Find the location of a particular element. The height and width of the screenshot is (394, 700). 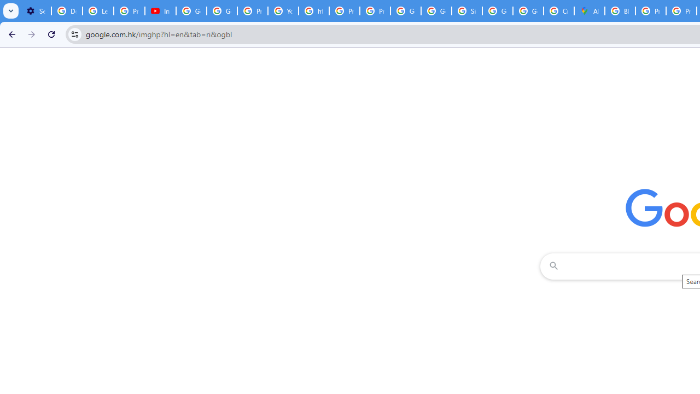

'Introduction | Google Privacy Policy - YouTube' is located at coordinates (160, 11).